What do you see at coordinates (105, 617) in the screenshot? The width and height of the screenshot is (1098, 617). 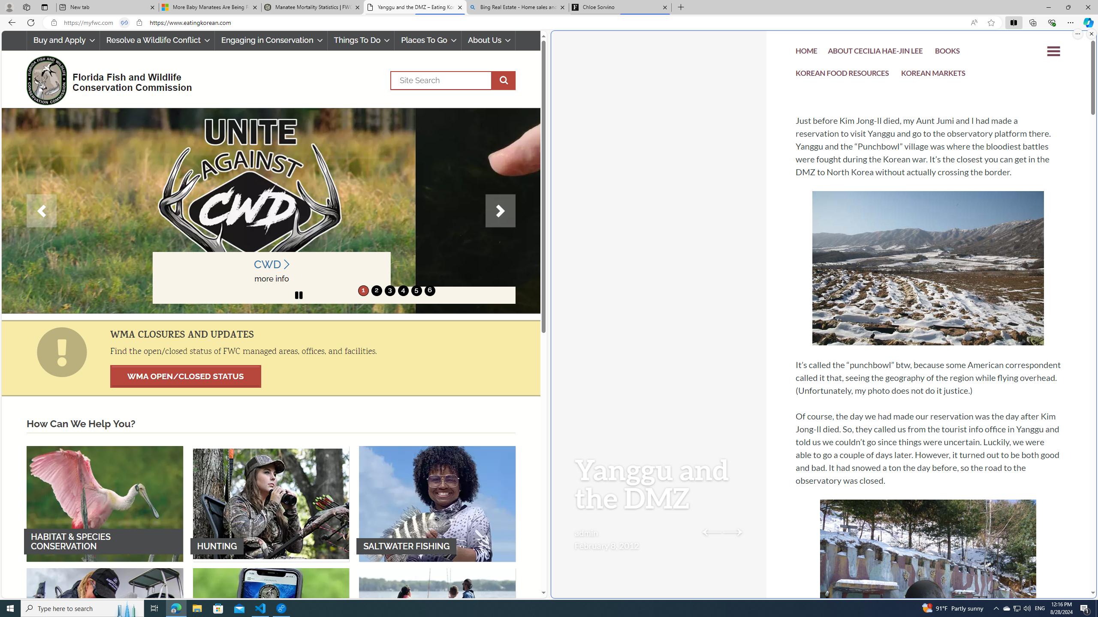 I see `'FRESHWATER FISHING'` at bounding box center [105, 617].